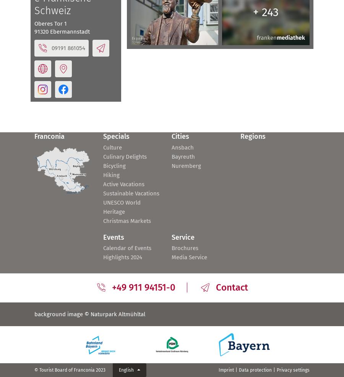 The width and height of the screenshot is (344, 377). What do you see at coordinates (116, 136) in the screenshot?
I see `'Specials'` at bounding box center [116, 136].